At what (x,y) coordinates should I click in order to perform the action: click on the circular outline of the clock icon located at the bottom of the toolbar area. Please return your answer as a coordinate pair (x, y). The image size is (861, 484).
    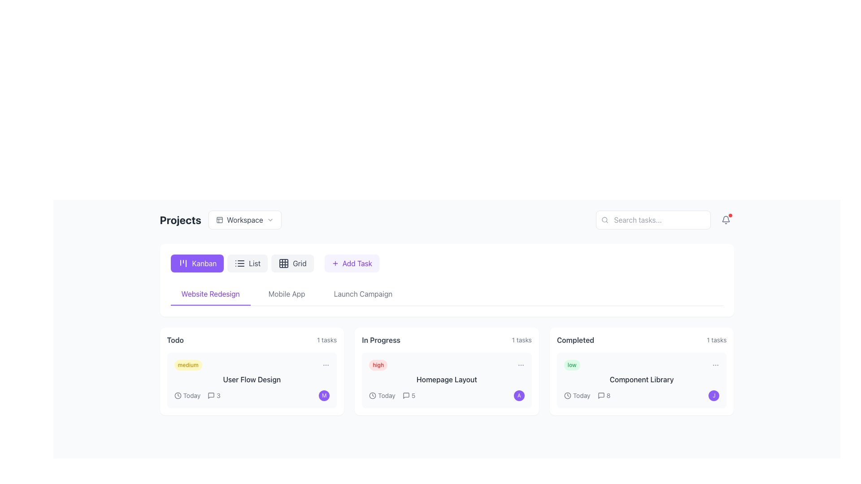
    Looking at the image, I should click on (178, 395).